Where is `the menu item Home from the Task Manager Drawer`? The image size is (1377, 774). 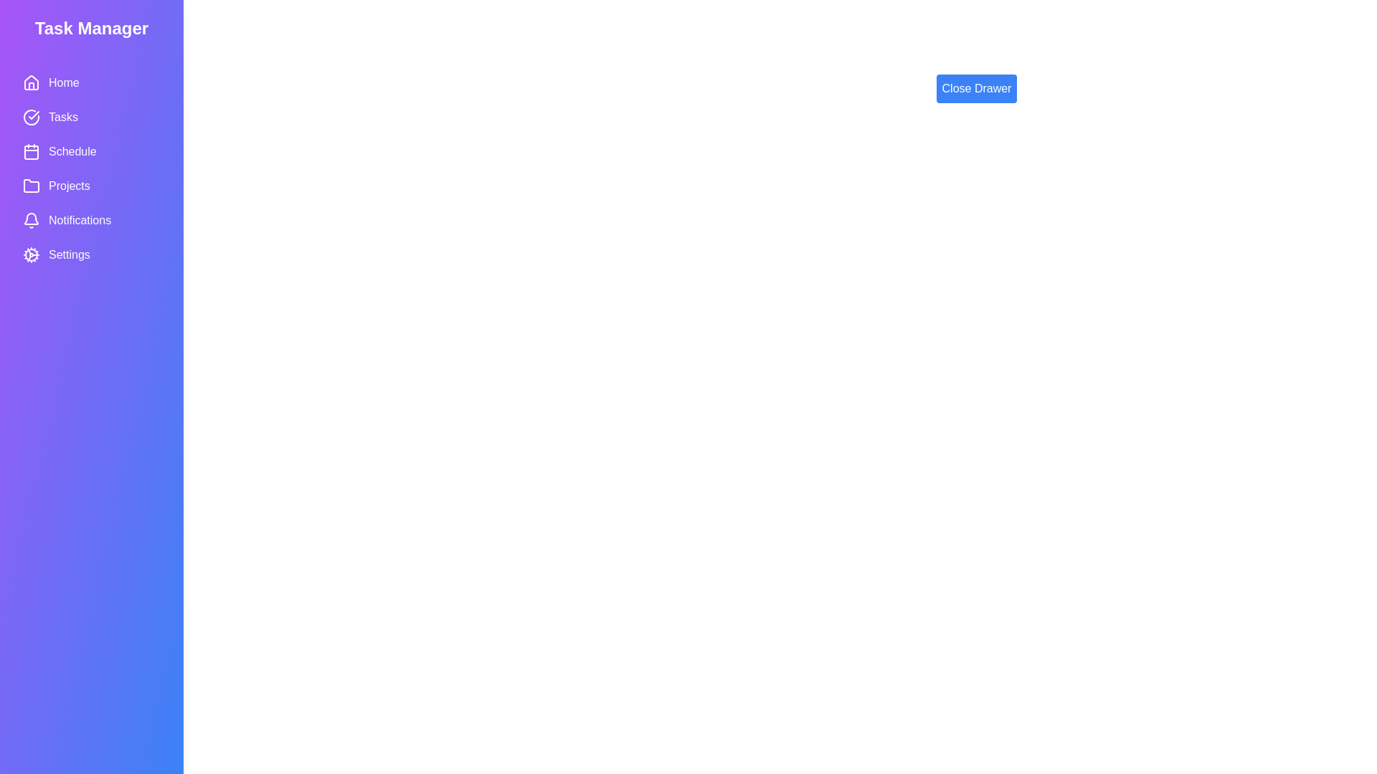
the menu item Home from the Task Manager Drawer is located at coordinates (91, 82).